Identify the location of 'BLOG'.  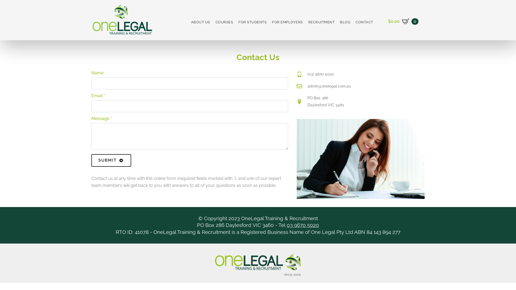
(345, 22).